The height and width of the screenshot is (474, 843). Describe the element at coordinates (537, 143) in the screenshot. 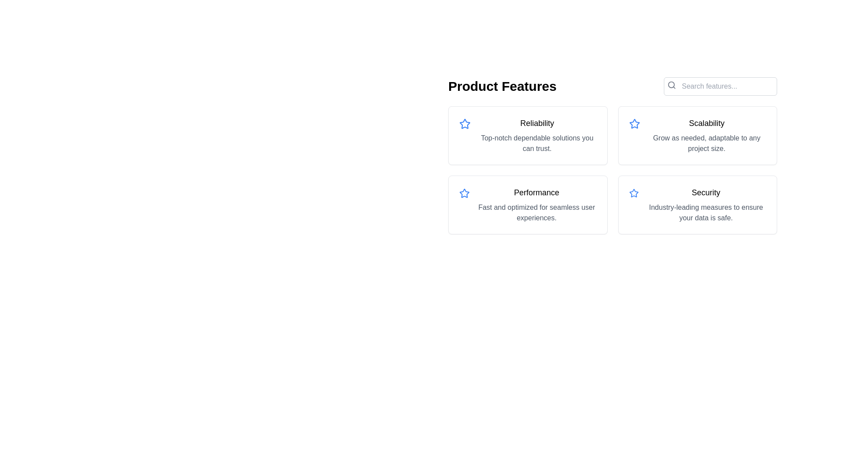

I see `the text providing context for the 'Reliability' feature located under the 'Reliability' heading in the product features box` at that location.